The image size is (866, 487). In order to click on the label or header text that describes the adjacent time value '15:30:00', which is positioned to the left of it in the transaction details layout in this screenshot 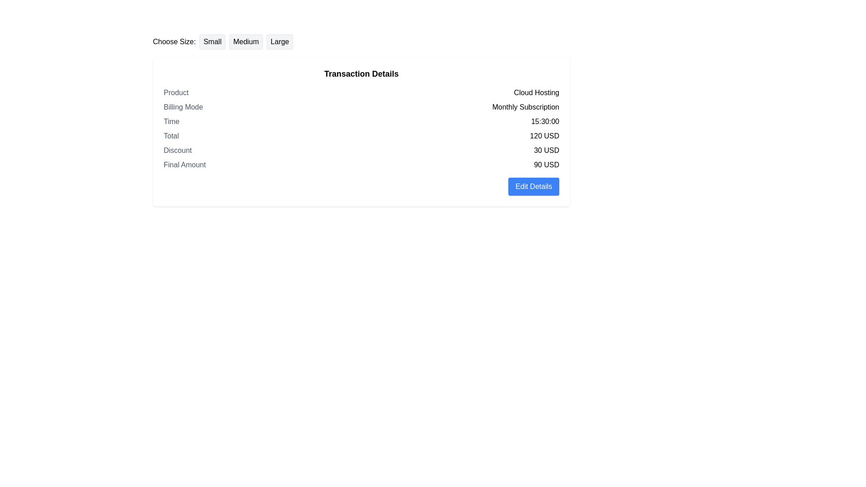, I will do `click(171, 122)`.